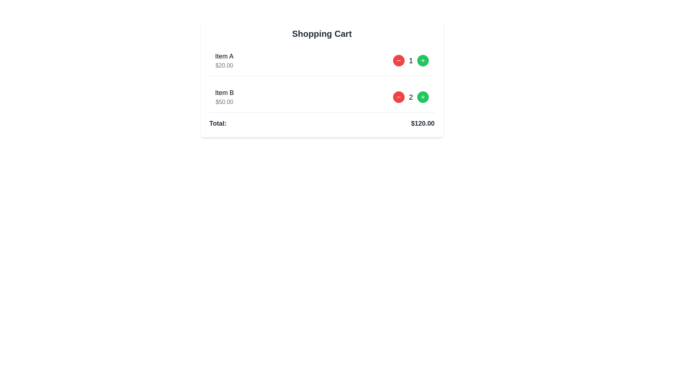 This screenshot has width=693, height=390. I want to click on the text label 'Total:' which is a bold, dark gray font located in the shopping cart summary section, so click(217, 123).